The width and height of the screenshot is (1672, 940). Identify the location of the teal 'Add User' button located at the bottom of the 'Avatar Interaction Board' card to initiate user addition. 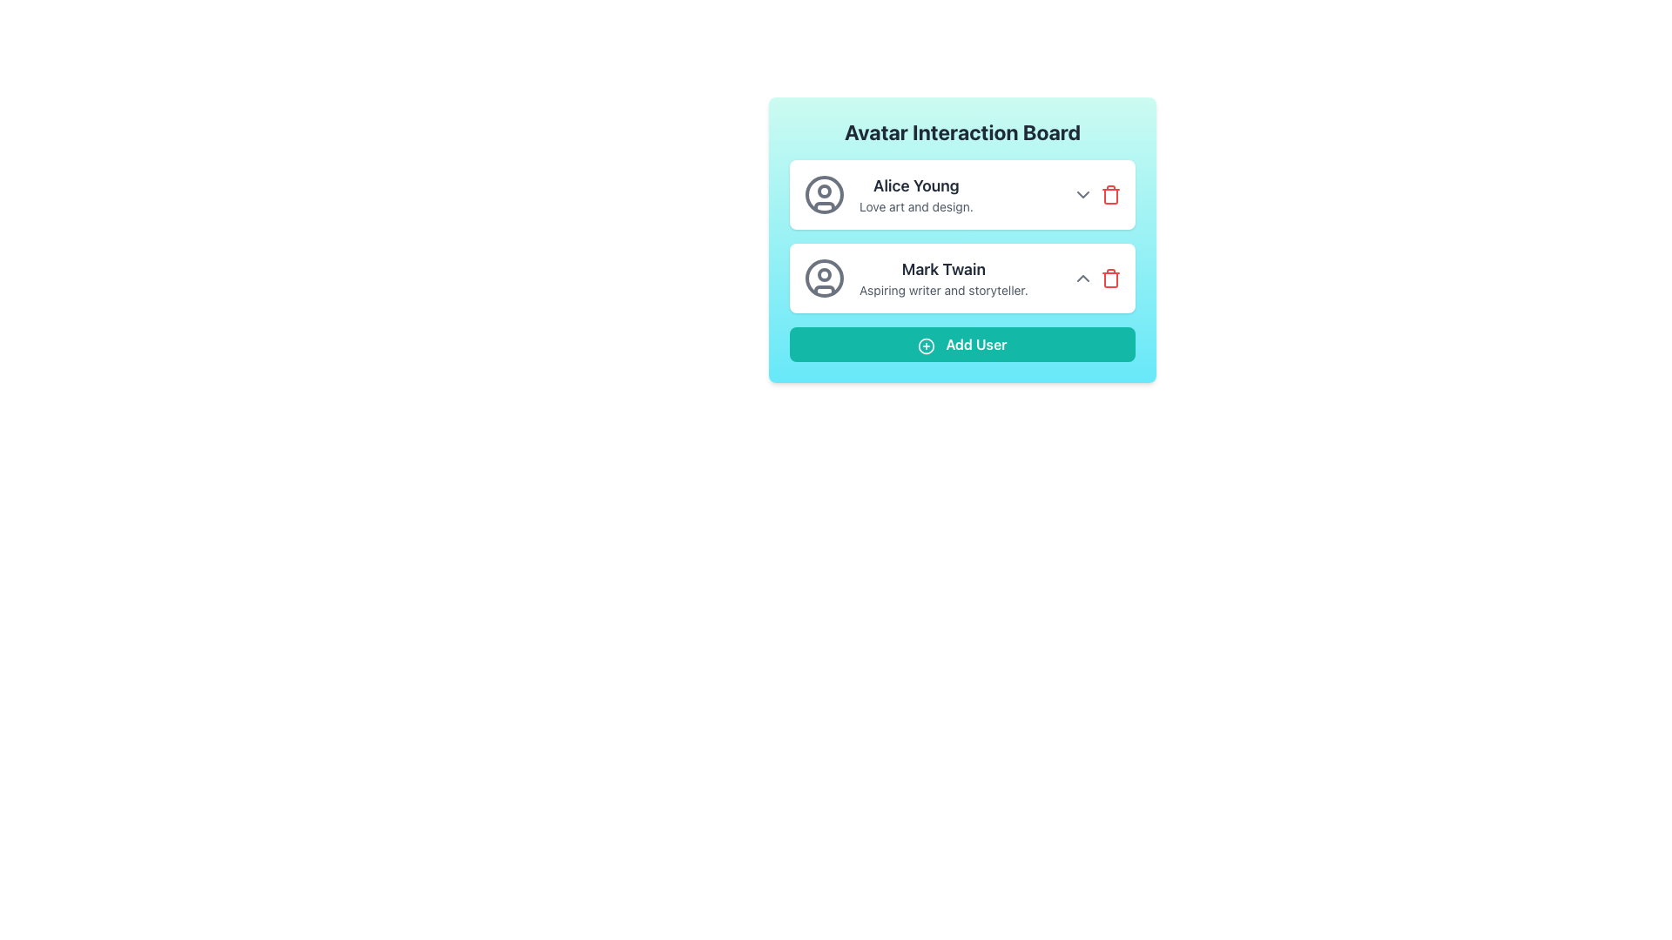
(961, 345).